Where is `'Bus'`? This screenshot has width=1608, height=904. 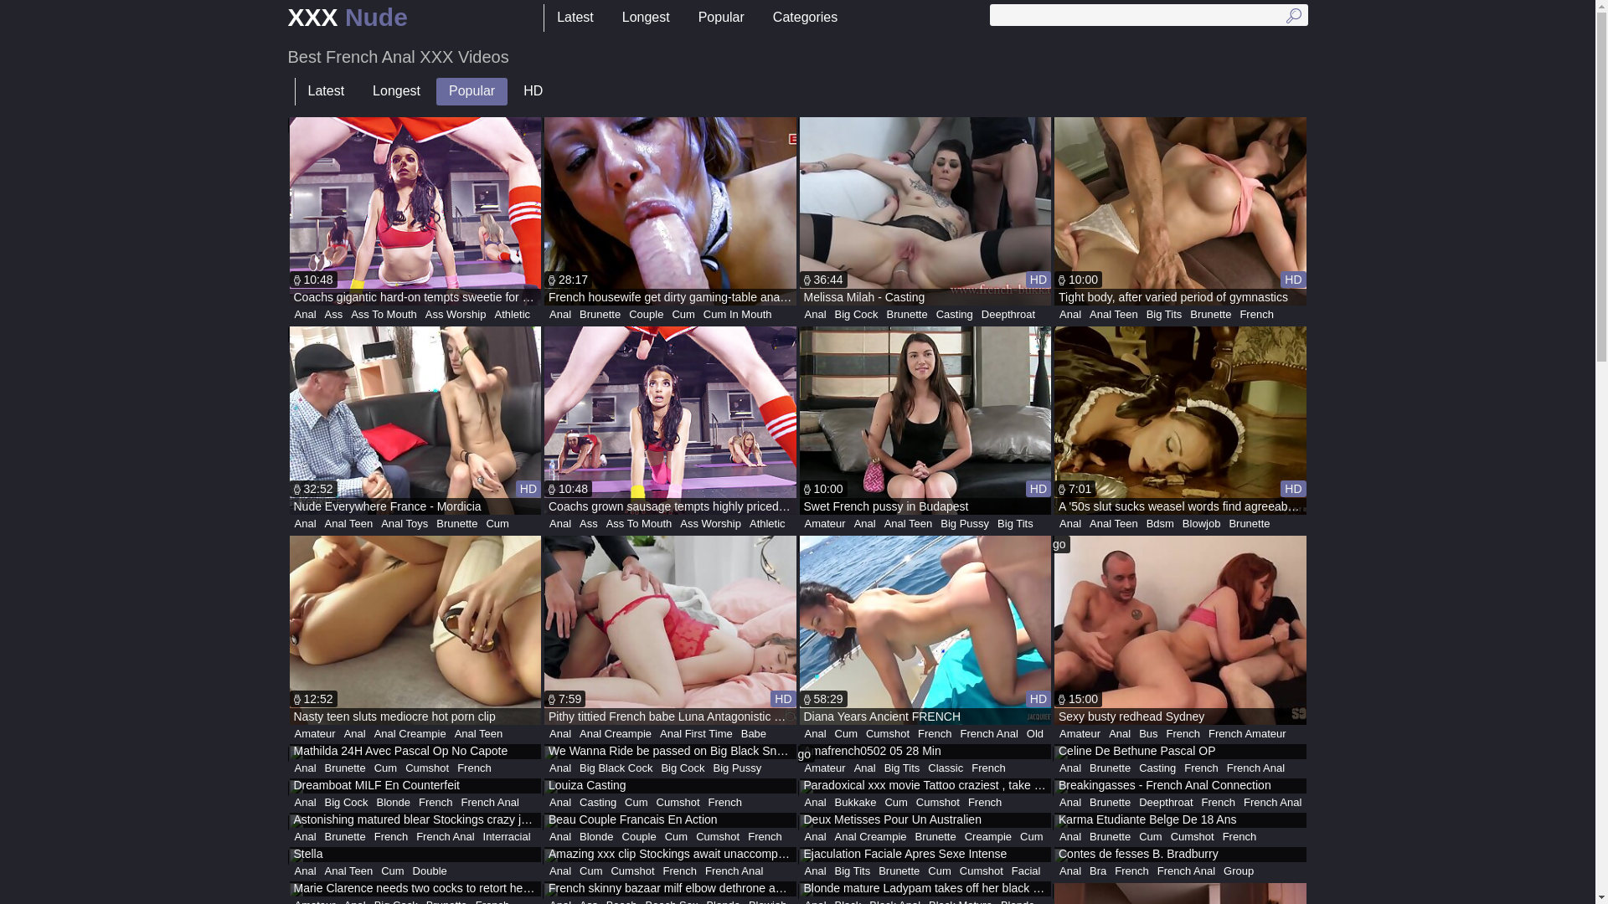 'Bus' is located at coordinates (1134, 732).